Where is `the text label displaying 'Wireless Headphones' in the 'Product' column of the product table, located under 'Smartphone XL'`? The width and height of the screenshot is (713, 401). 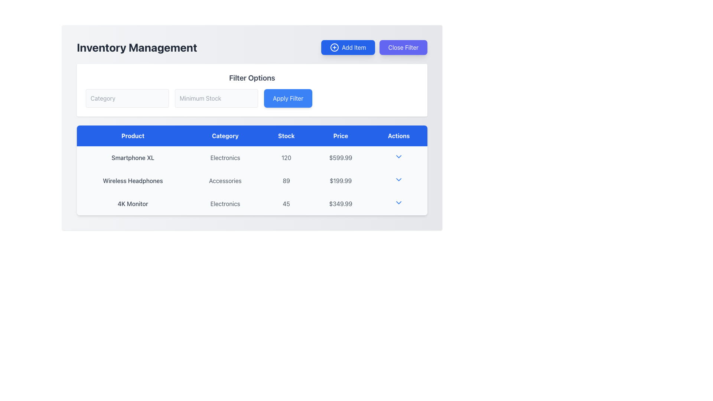
the text label displaying 'Wireless Headphones' in the 'Product' column of the product table, located under 'Smartphone XL' is located at coordinates (133, 180).